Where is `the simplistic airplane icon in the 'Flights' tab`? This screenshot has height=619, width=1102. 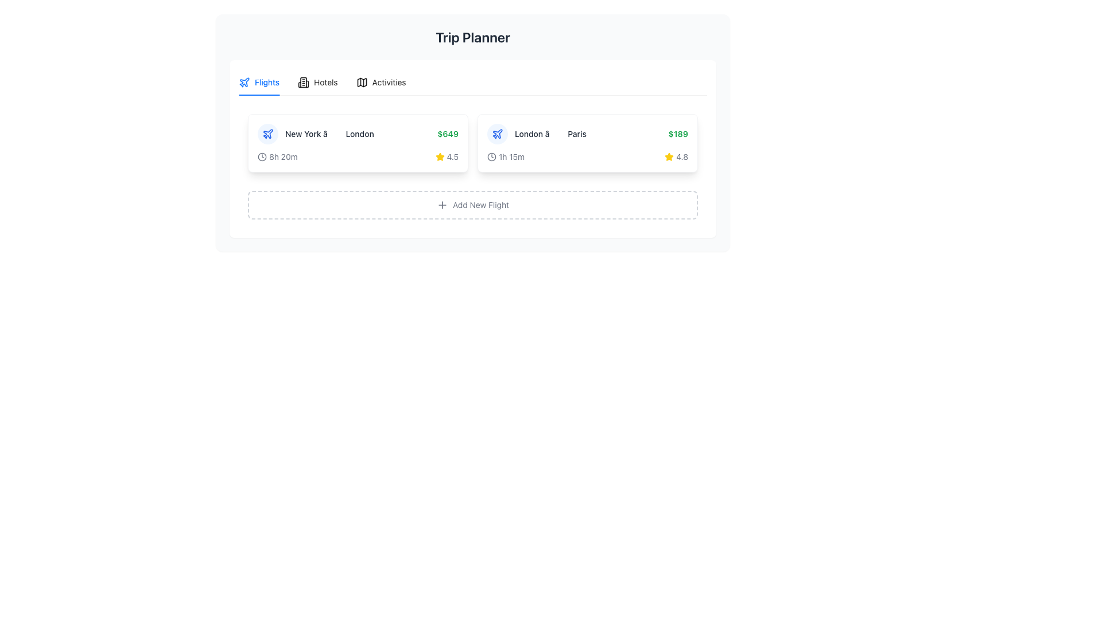
the simplistic airplane icon in the 'Flights' tab is located at coordinates (498, 133).